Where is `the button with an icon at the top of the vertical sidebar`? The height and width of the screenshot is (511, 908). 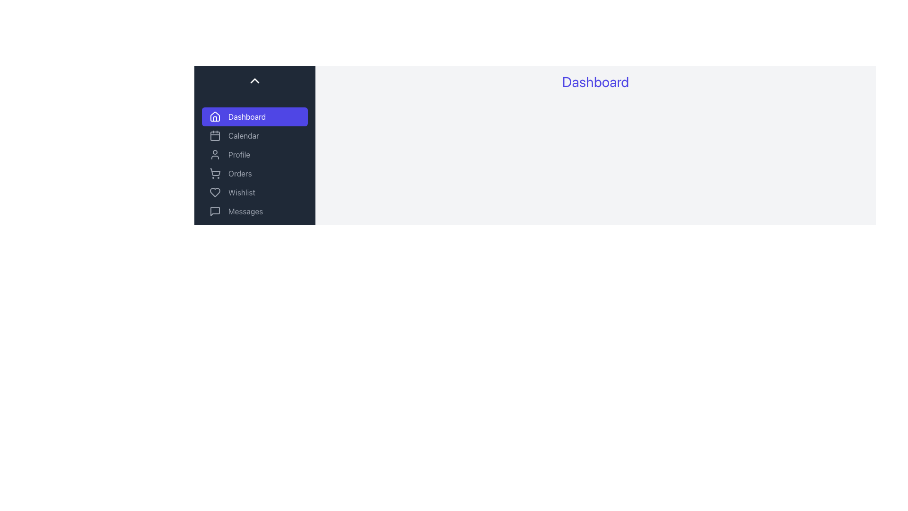 the button with an icon at the top of the vertical sidebar is located at coordinates (254, 80).